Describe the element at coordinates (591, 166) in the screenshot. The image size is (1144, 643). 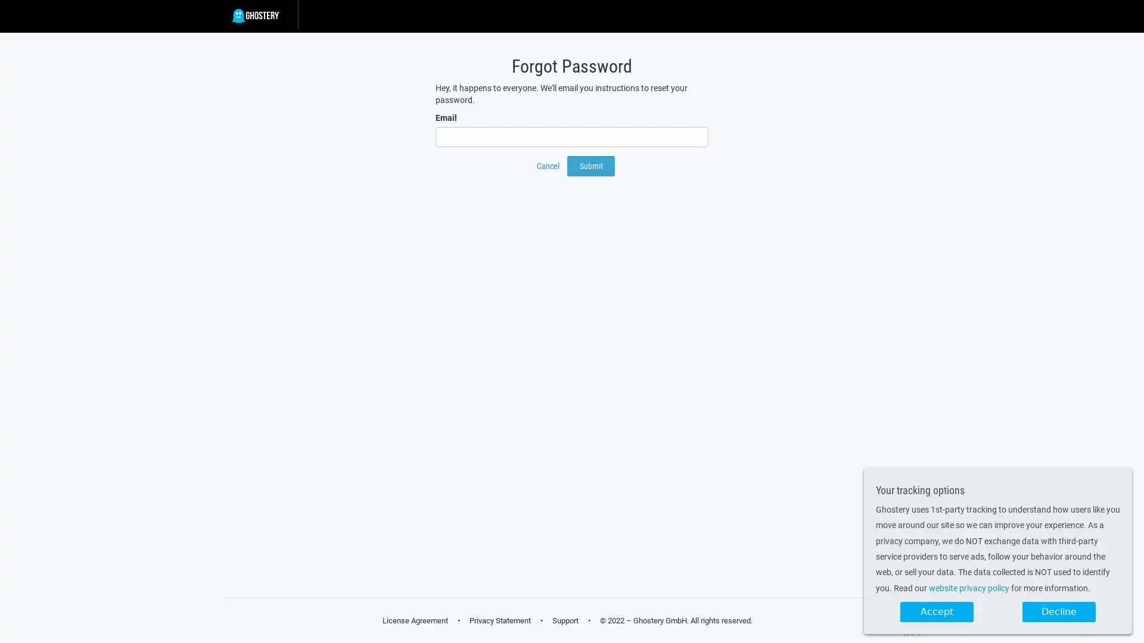
I see `Submit` at that location.